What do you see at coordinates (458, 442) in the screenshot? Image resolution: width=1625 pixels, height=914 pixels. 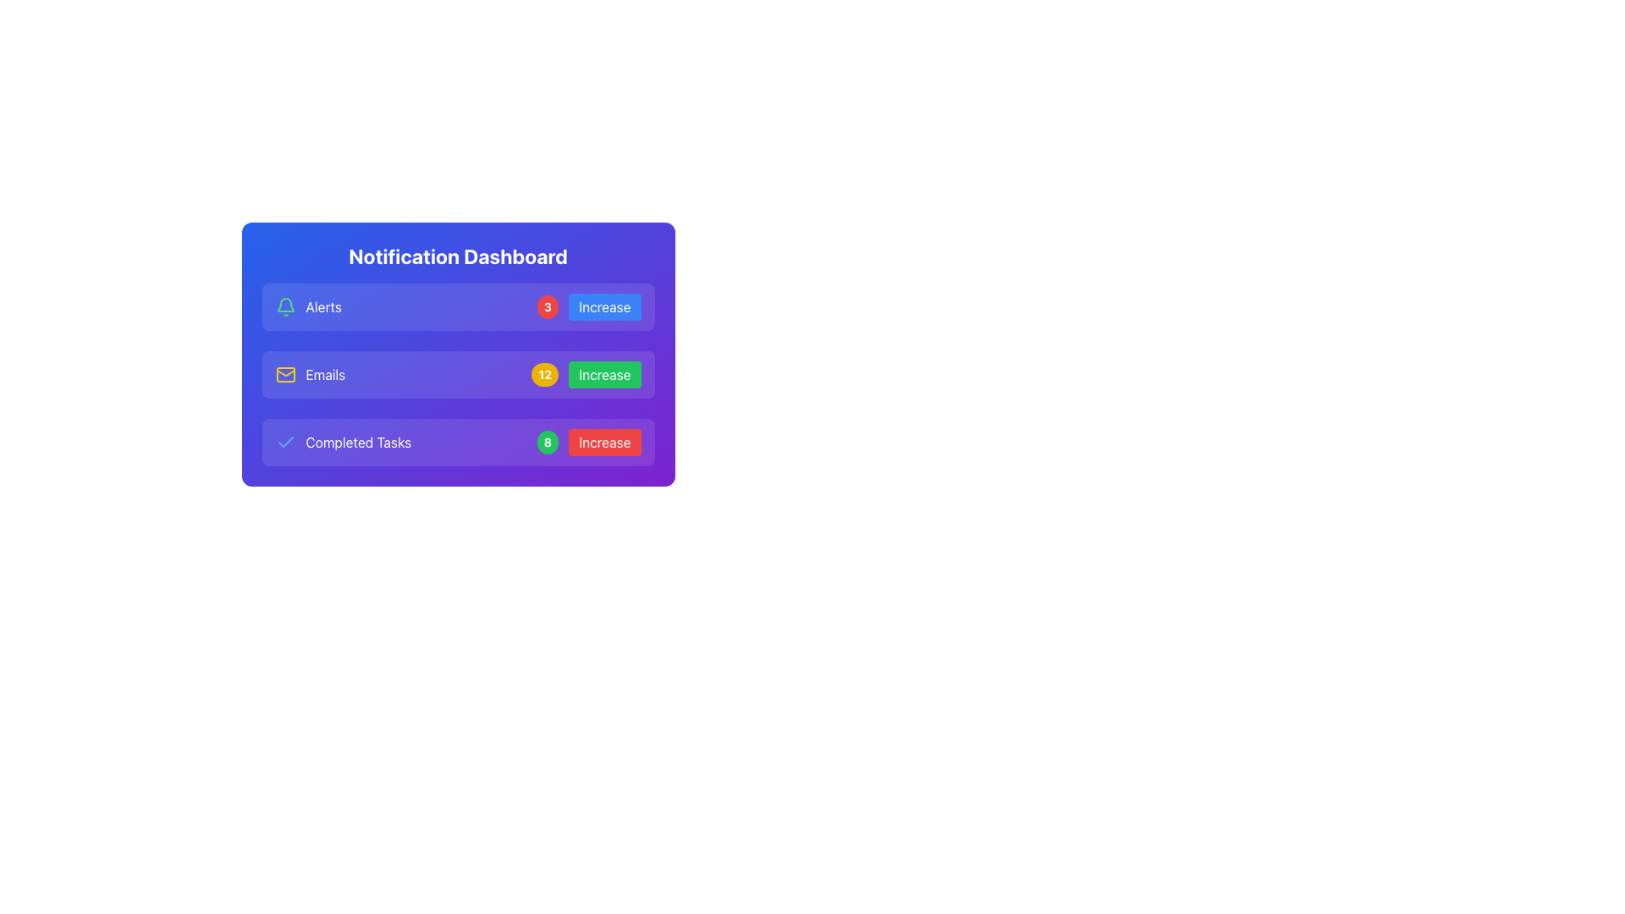 I see `the 'Completed Tasks' card in the Notification Dashboard, which features a checkmark icon, a numerical badge showing '8', and an 'Increase' button styled in red` at bounding box center [458, 442].